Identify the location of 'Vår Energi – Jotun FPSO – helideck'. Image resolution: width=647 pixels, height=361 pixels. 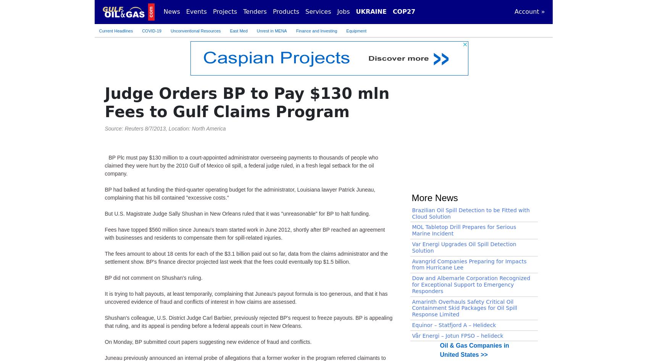
(457, 34).